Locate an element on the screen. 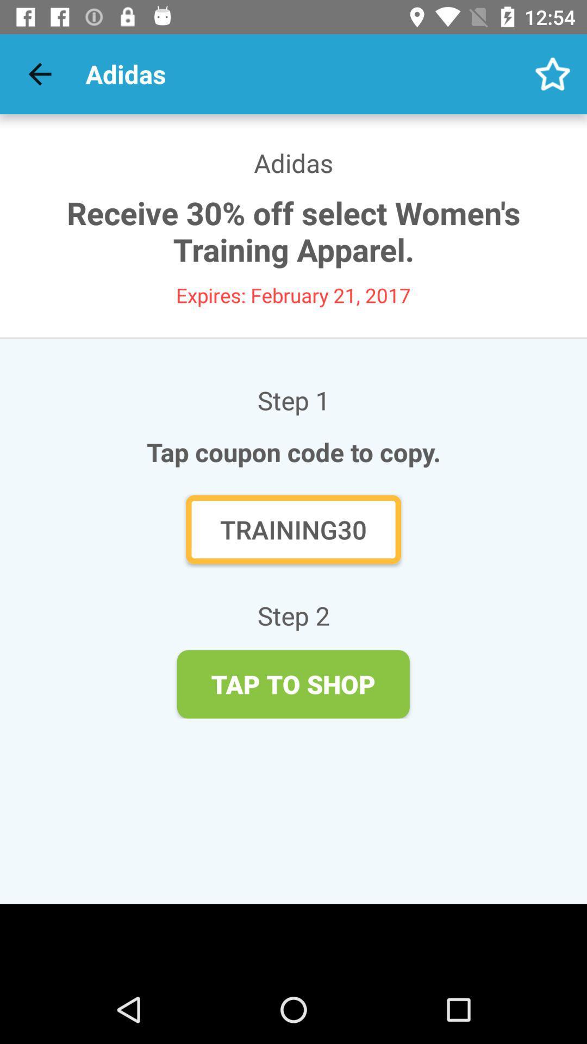 The width and height of the screenshot is (587, 1044). item at the top right corner is located at coordinates (553, 73).